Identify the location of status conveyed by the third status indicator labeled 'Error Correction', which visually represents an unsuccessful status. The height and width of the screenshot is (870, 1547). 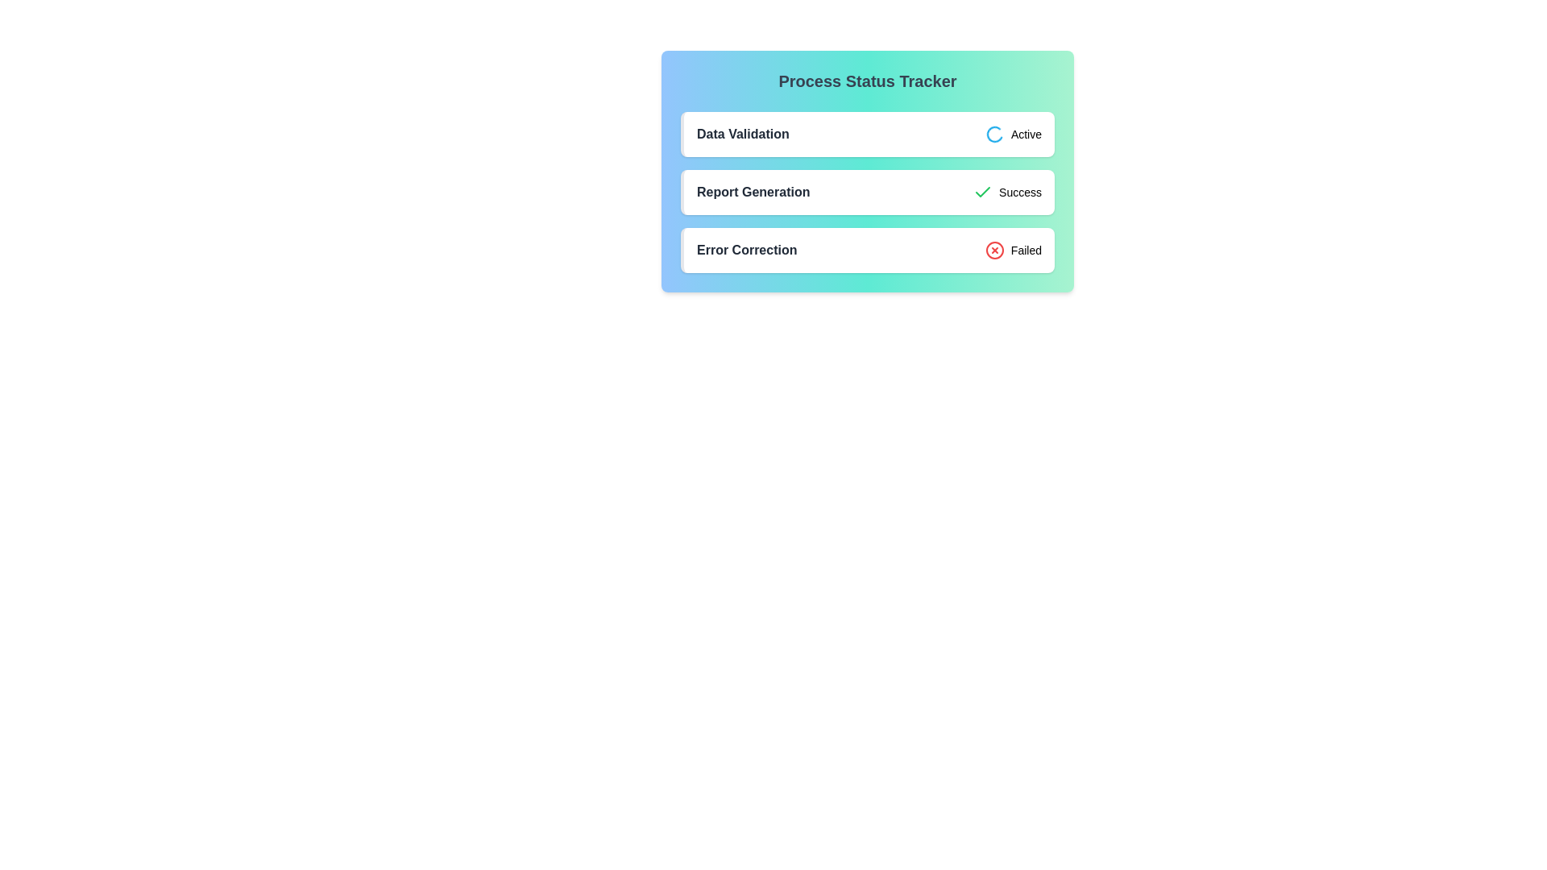
(1012, 251).